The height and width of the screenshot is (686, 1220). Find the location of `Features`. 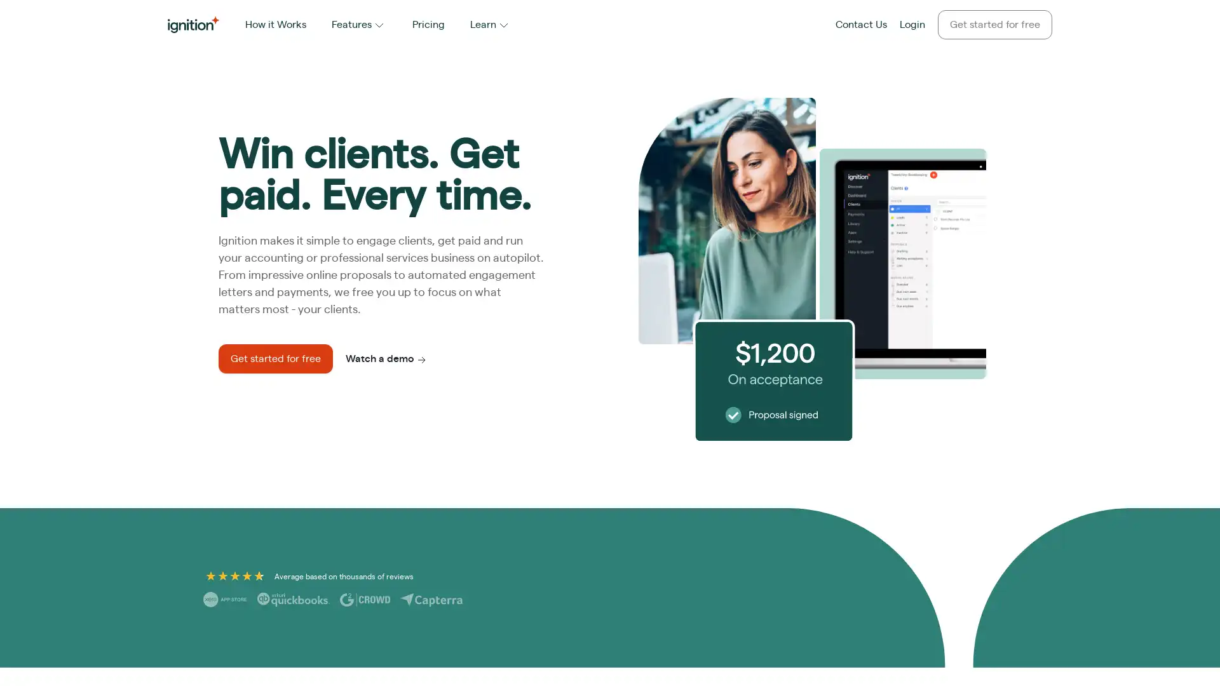

Features is located at coordinates (358, 24).